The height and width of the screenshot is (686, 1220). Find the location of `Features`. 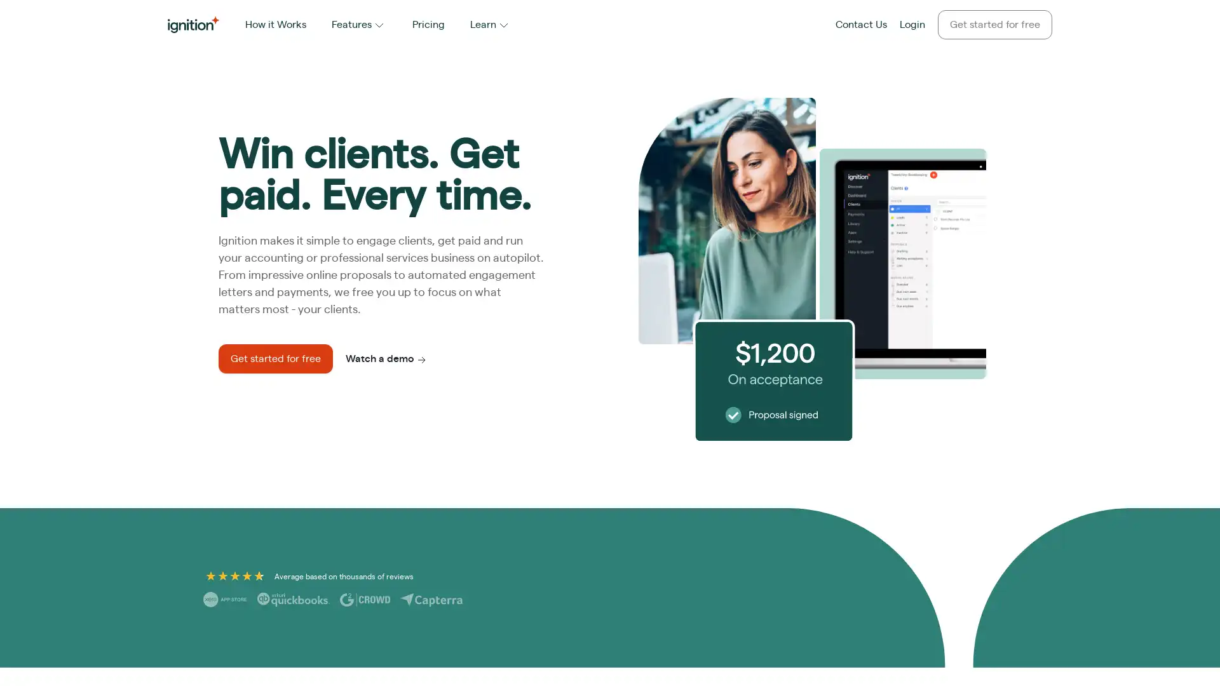

Features is located at coordinates (358, 24).